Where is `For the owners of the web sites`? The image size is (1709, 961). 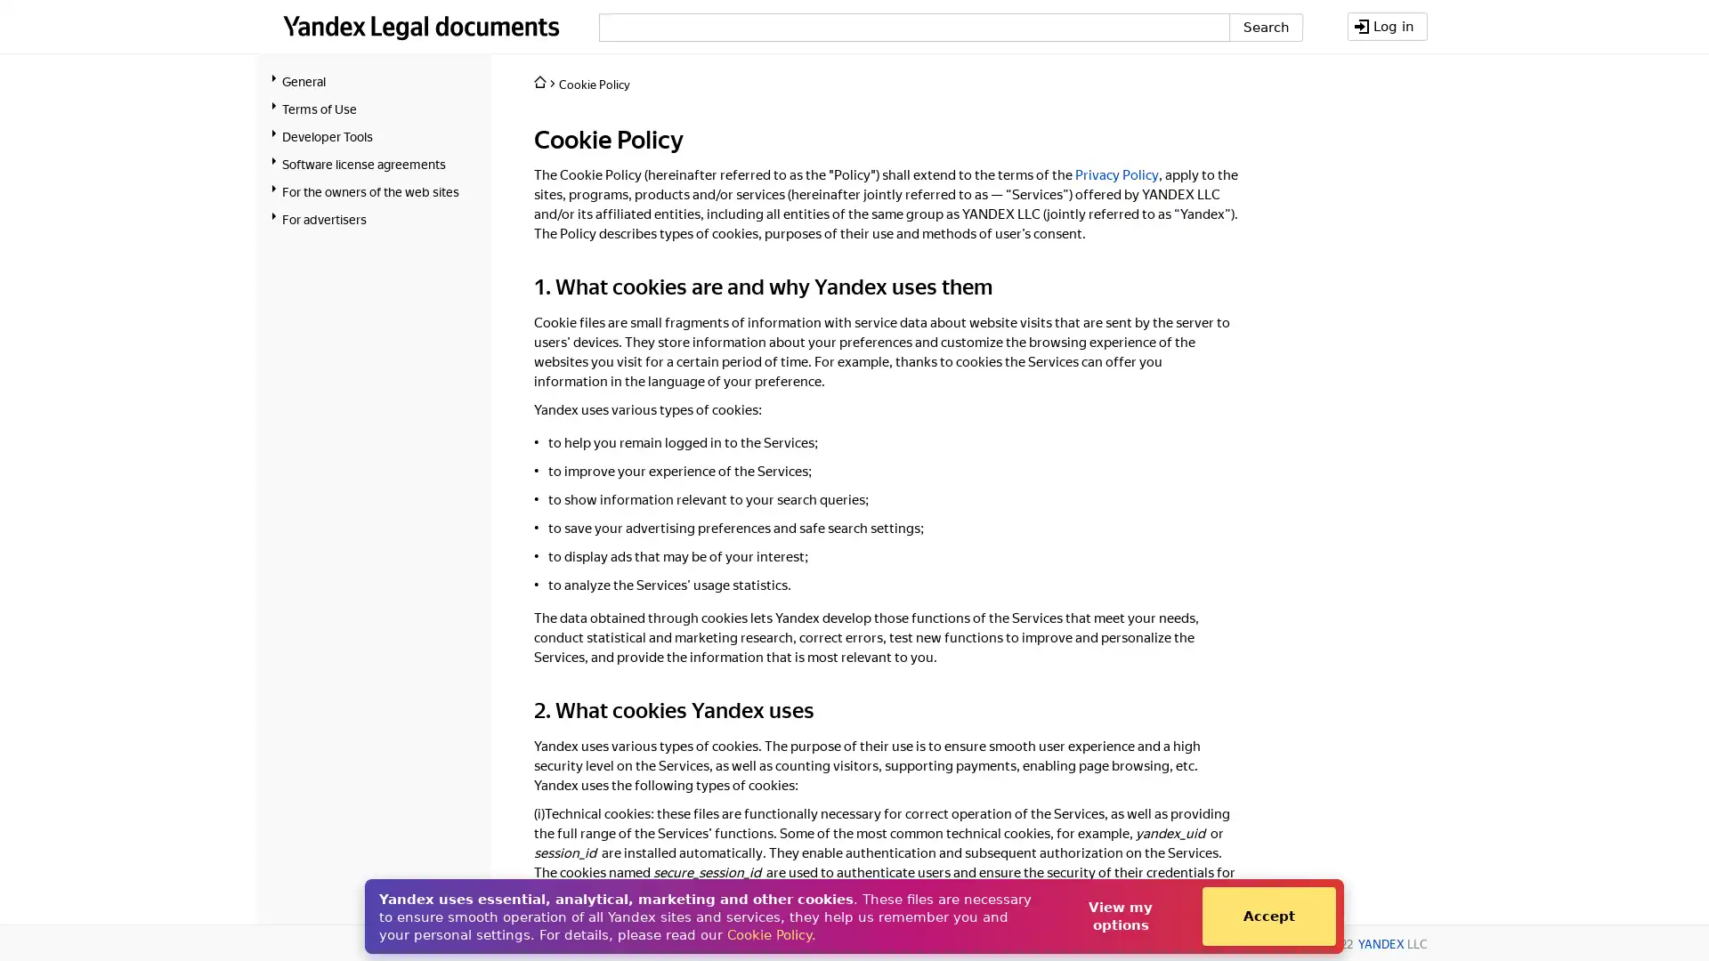 For the owners of the web sites is located at coordinates (373, 190).